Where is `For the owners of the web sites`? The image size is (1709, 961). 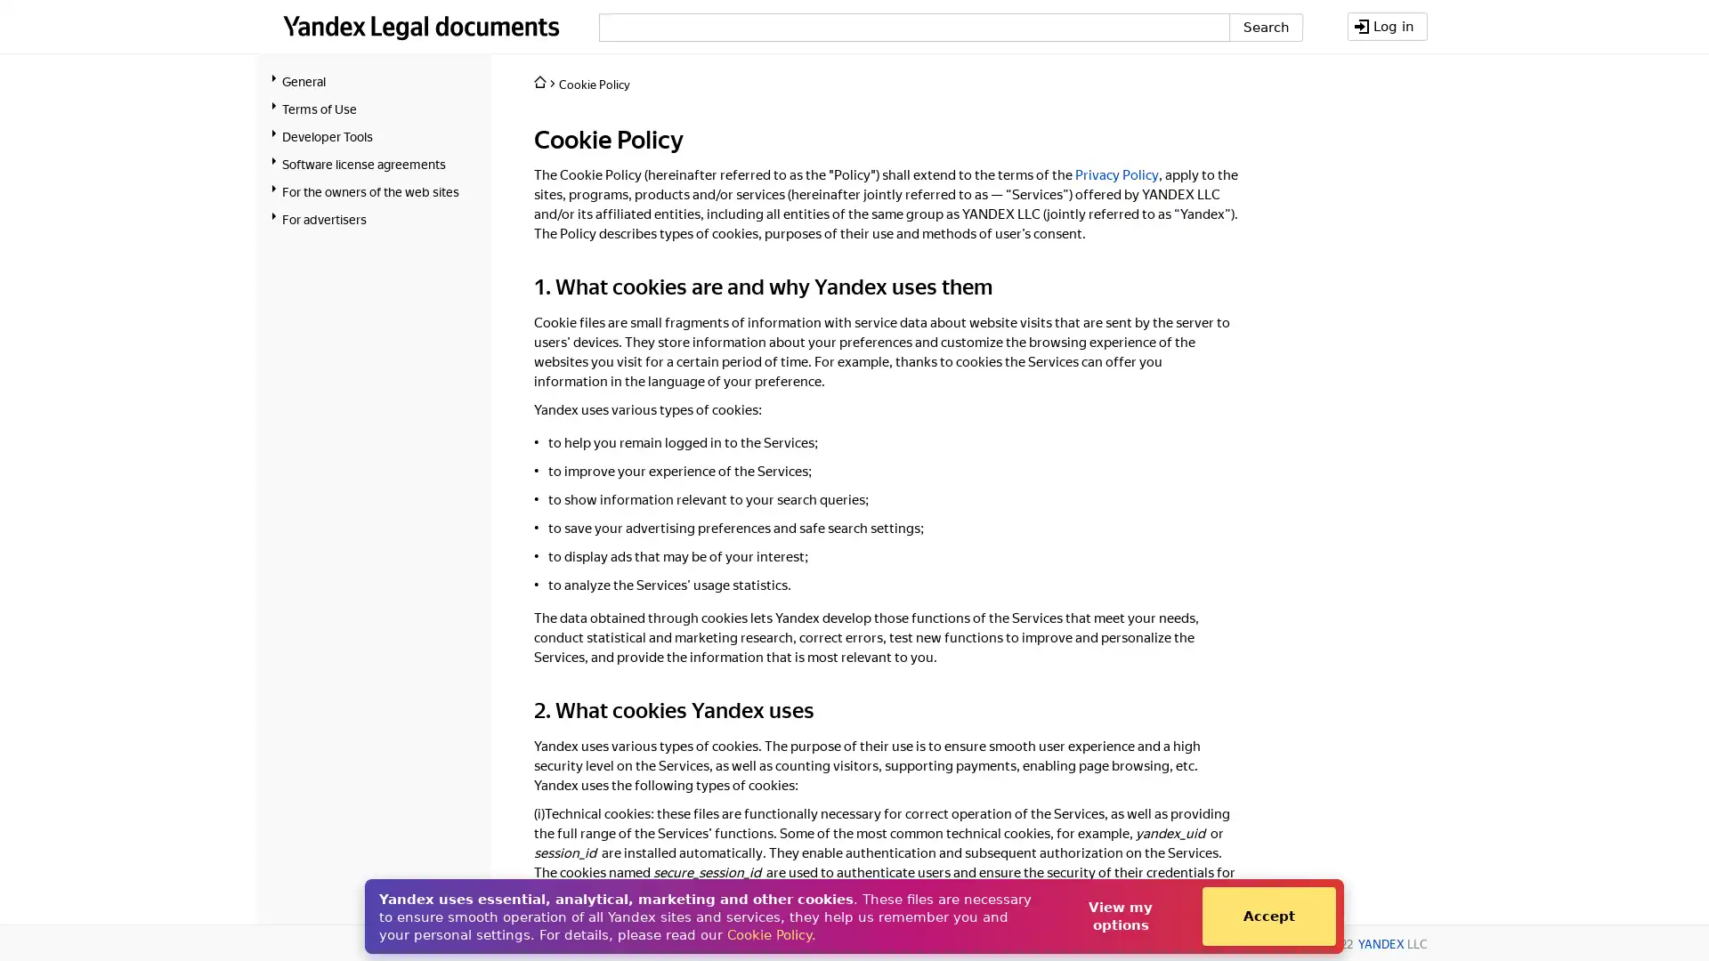 For the owners of the web sites is located at coordinates (373, 190).